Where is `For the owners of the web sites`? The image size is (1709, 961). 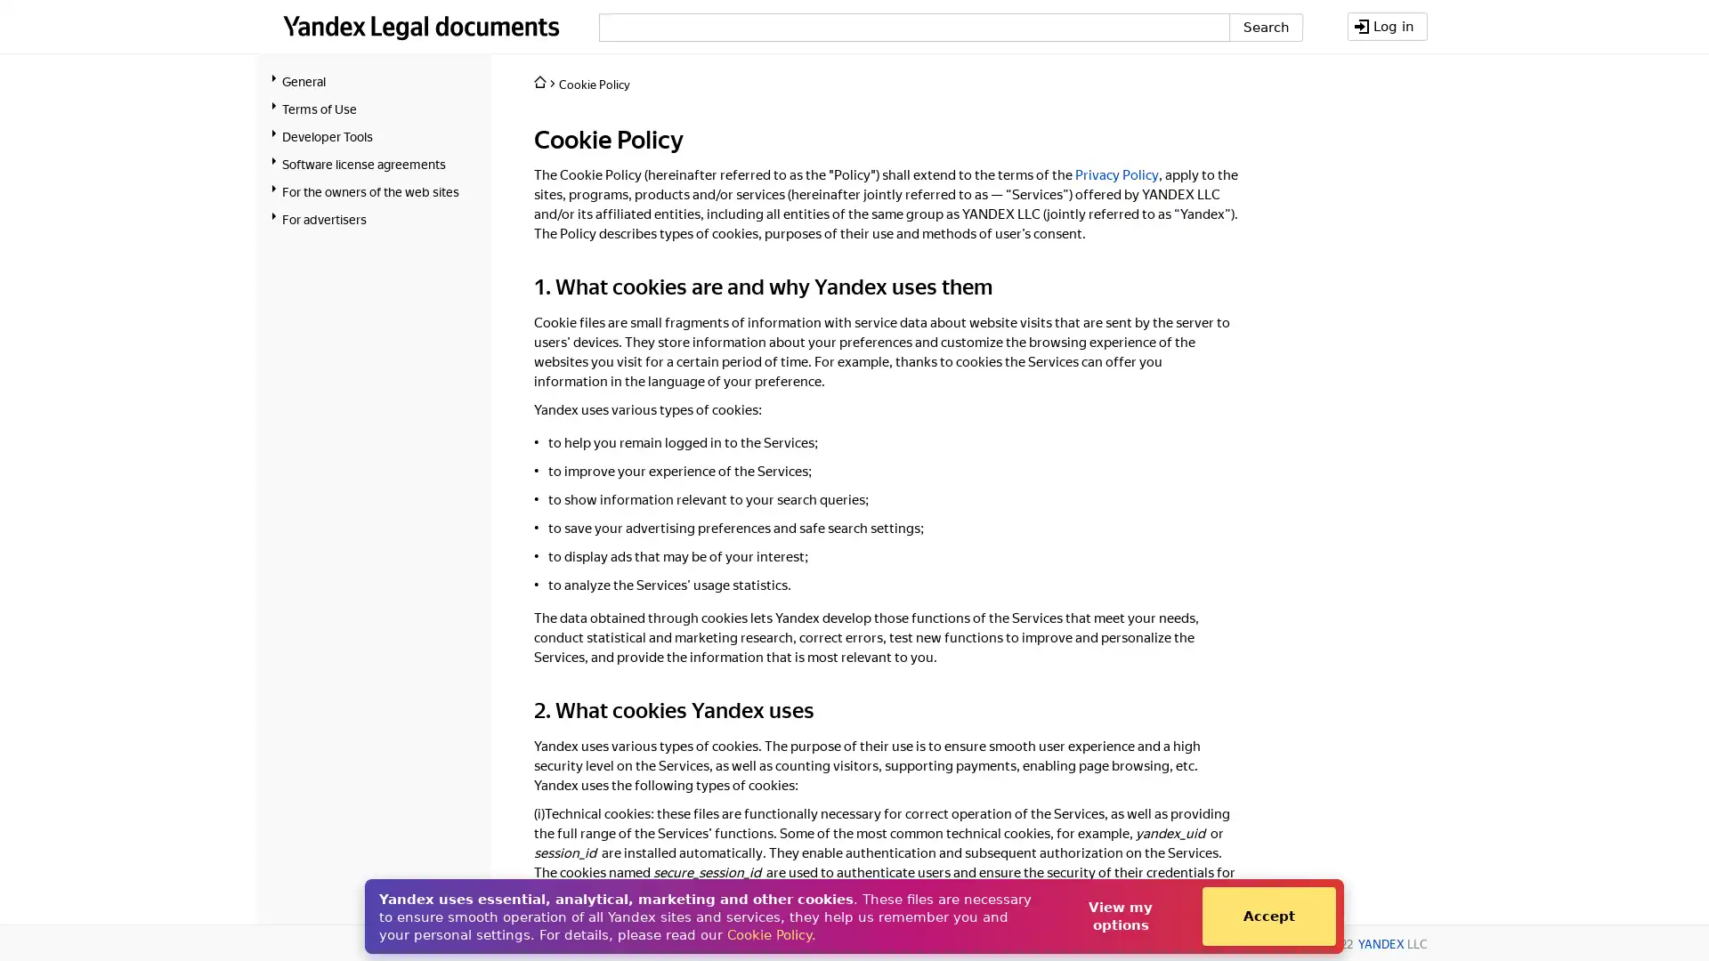 For the owners of the web sites is located at coordinates (373, 190).